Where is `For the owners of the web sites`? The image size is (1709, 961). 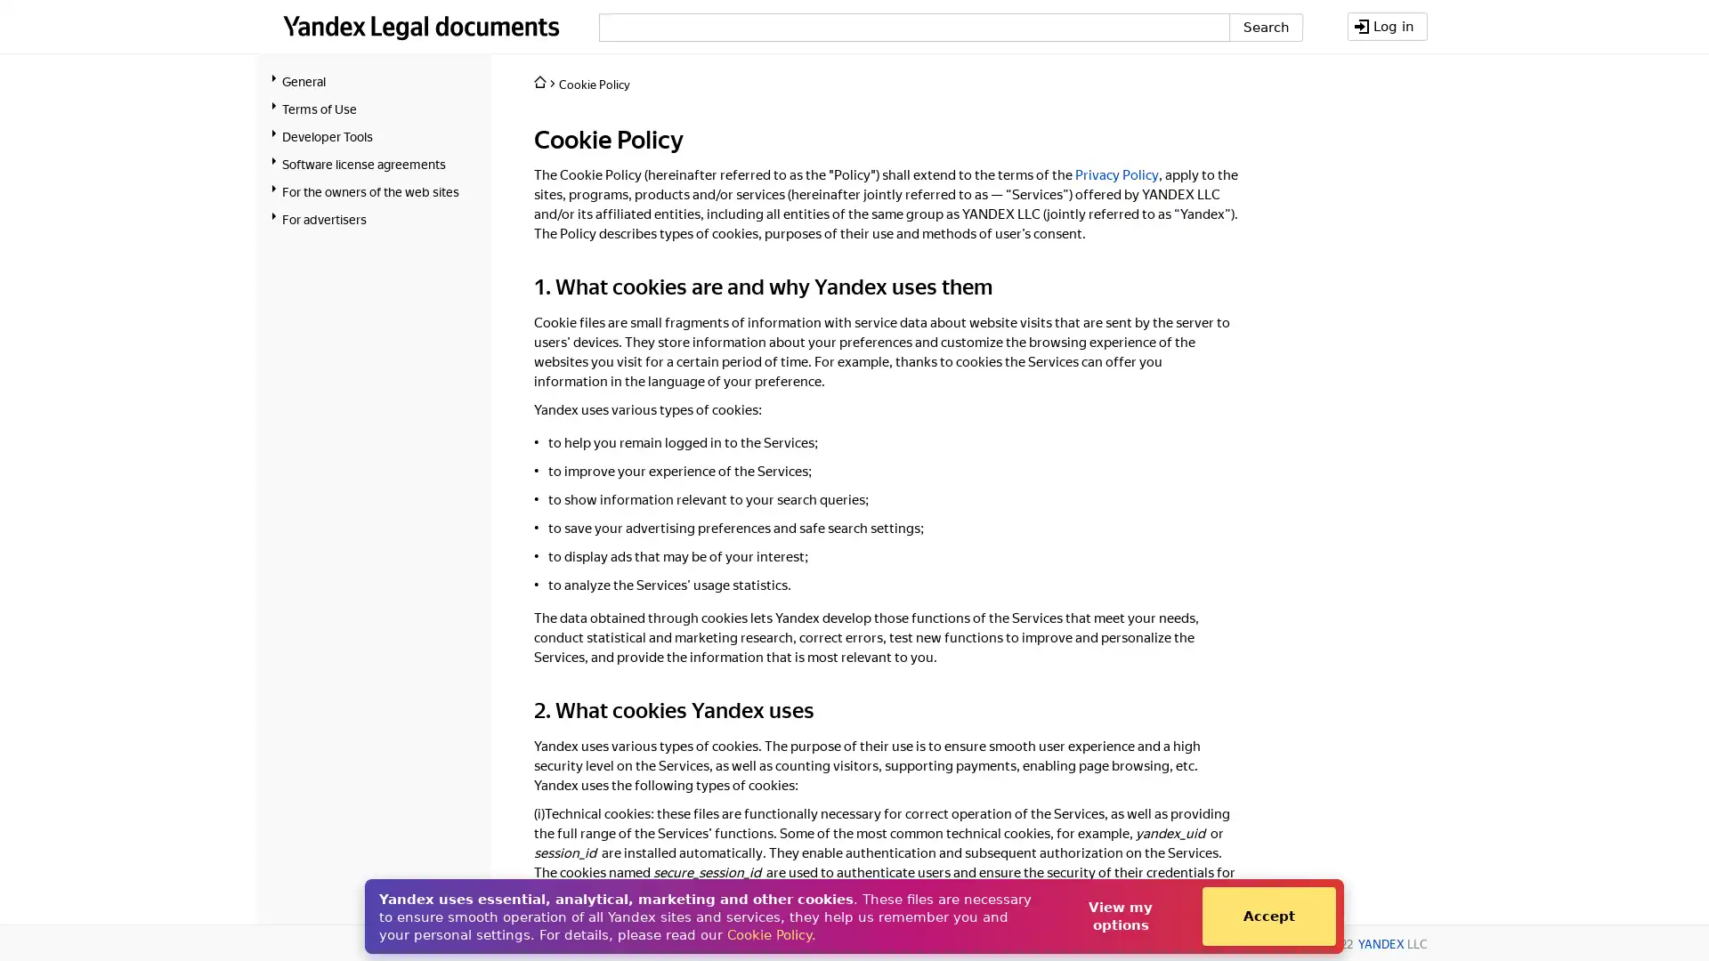 For the owners of the web sites is located at coordinates (373, 190).